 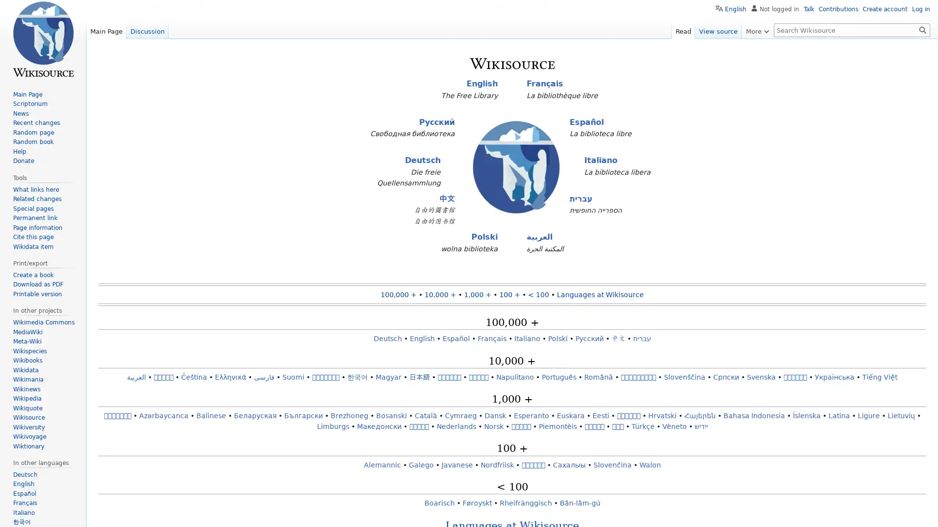 What do you see at coordinates (922, 29) in the screenshot?
I see `Go` at bounding box center [922, 29].